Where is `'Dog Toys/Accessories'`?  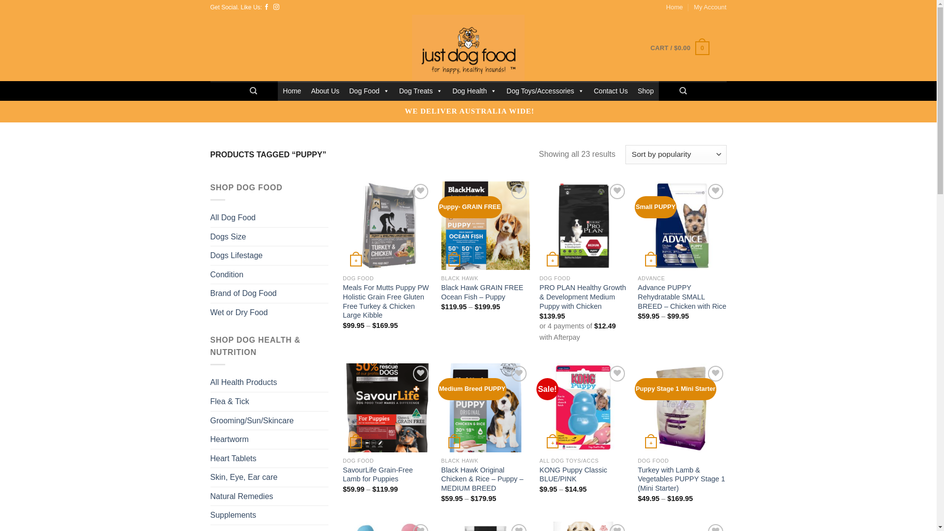 'Dog Toys/Accessories' is located at coordinates (544, 91).